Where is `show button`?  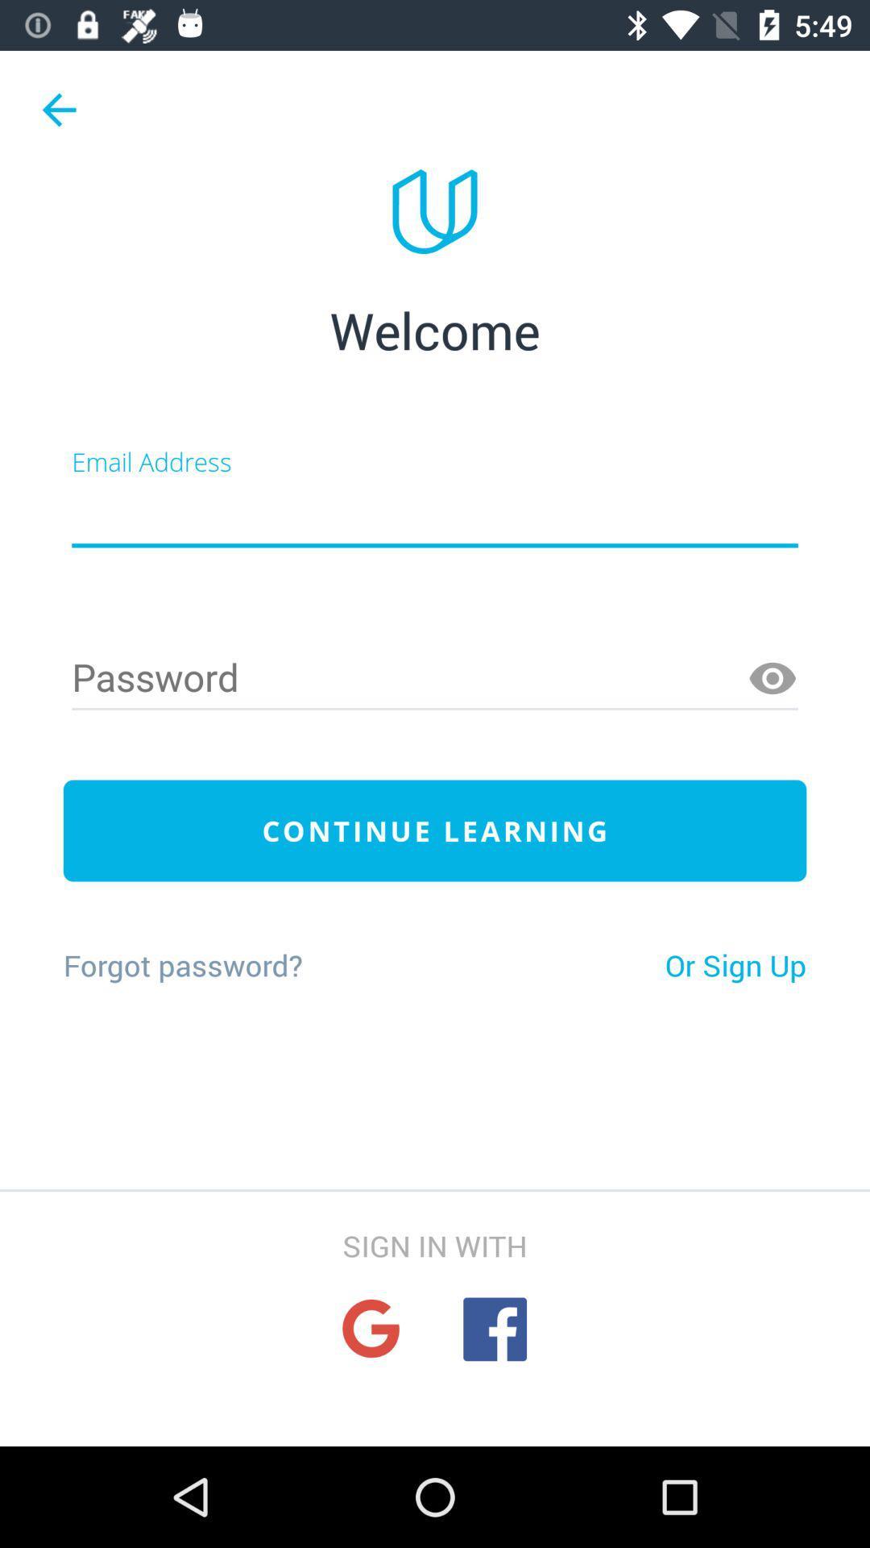
show button is located at coordinates (772, 679).